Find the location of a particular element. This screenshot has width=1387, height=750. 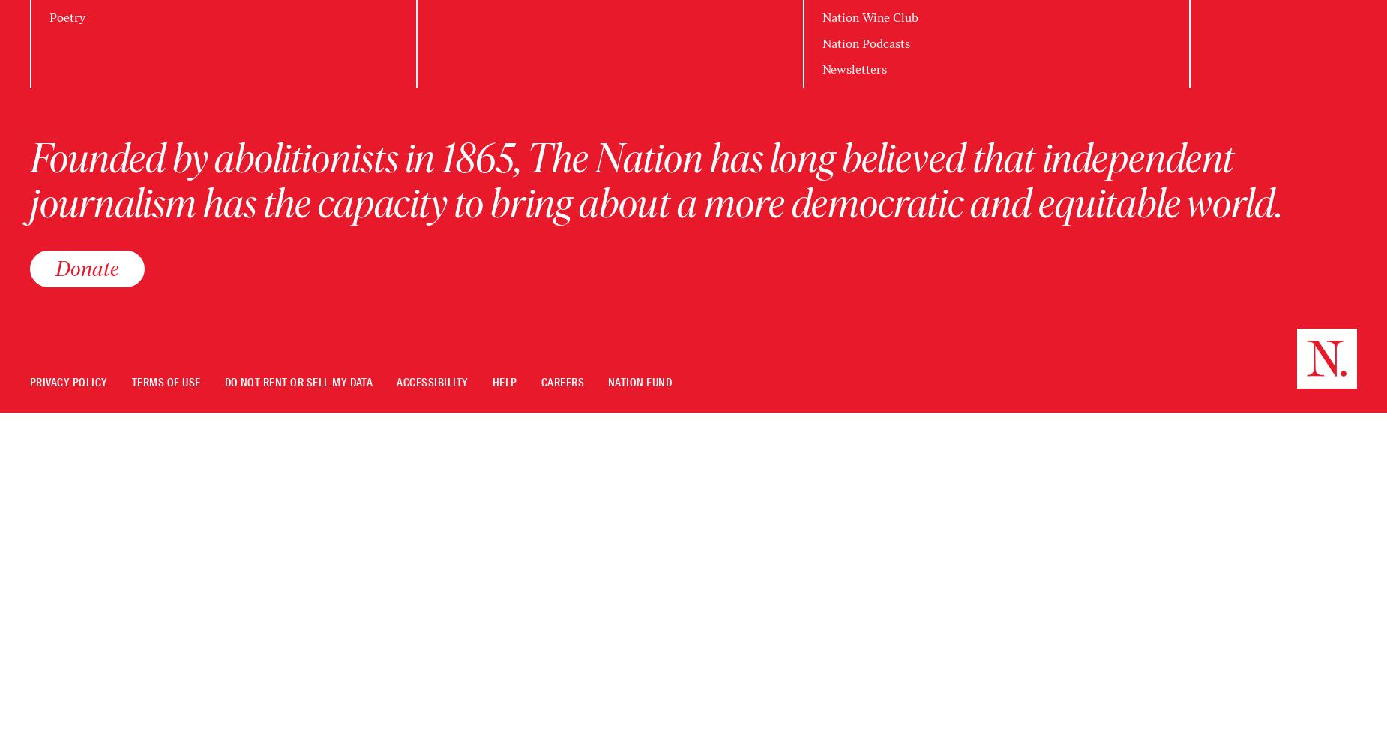

'Do Not Rent Or Sell My Data' is located at coordinates (297, 382).